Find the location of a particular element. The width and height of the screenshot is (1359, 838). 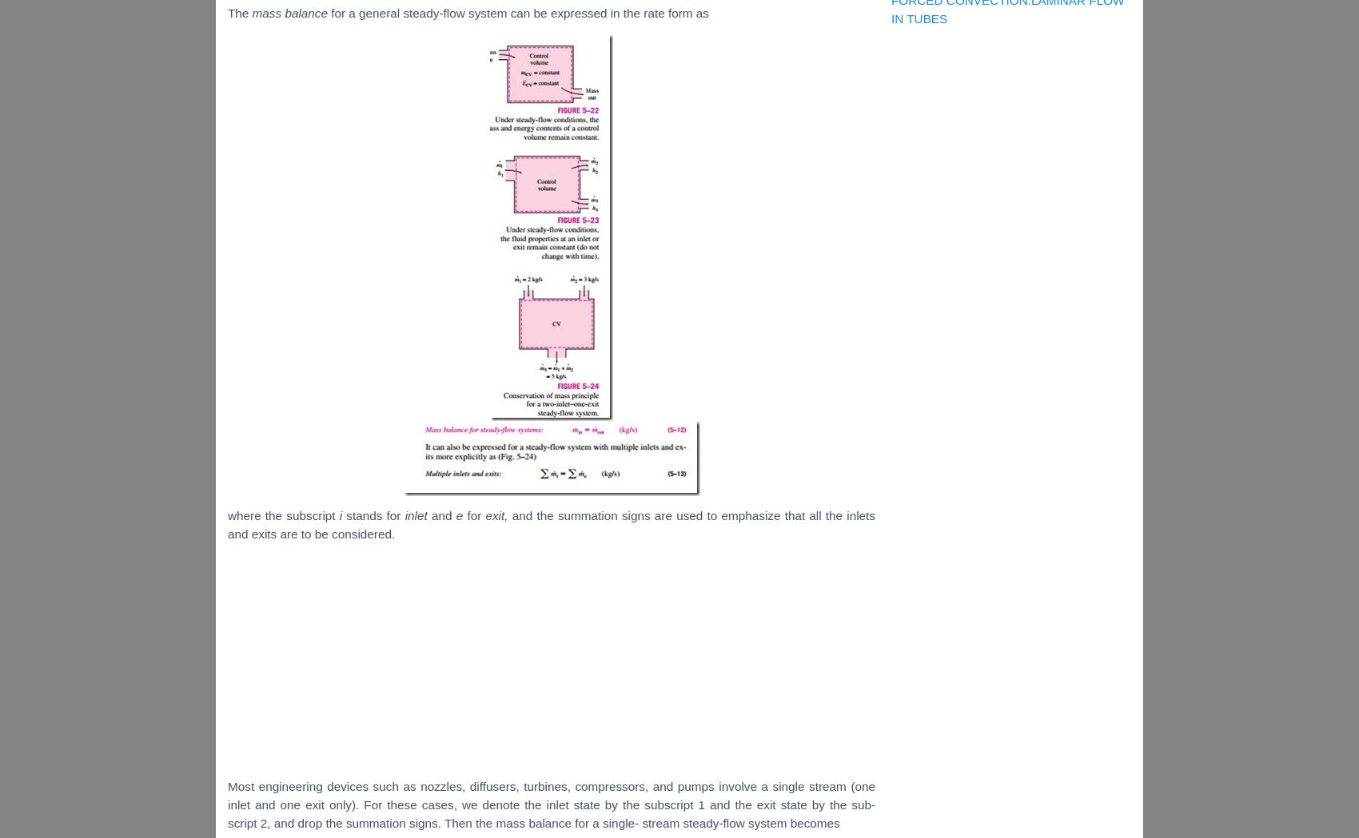

'mas' is located at coordinates (262, 12).